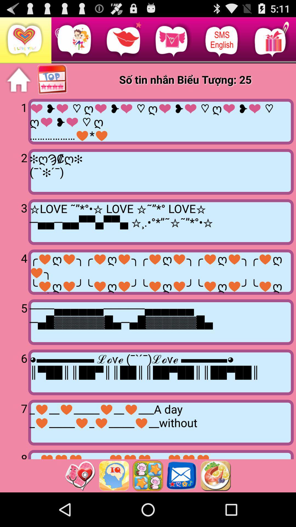 The width and height of the screenshot is (296, 527). Describe the element at coordinates (161, 272) in the screenshot. I see `the app above the 5 icon` at that location.